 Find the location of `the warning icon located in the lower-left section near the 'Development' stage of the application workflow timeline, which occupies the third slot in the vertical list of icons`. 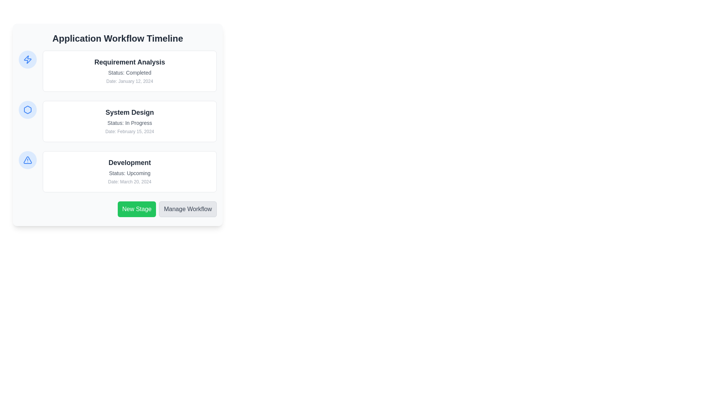

the warning icon located in the lower-left section near the 'Development' stage of the application workflow timeline, which occupies the third slot in the vertical list of icons is located at coordinates (27, 160).